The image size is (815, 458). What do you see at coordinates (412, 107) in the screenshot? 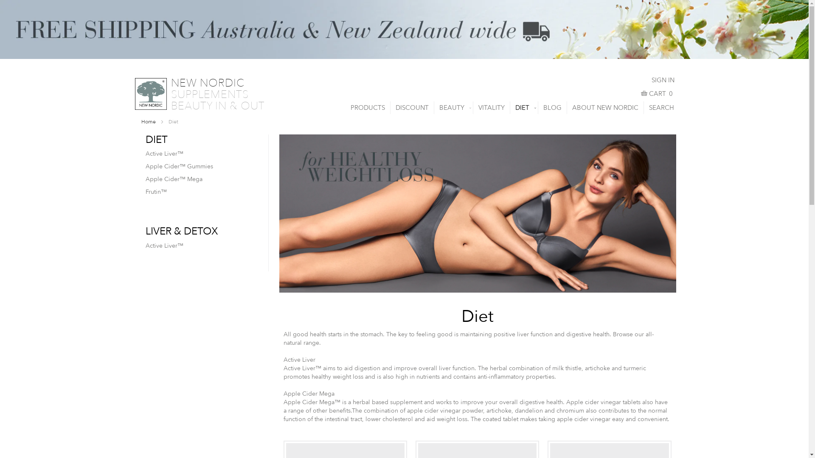
I see `'DISCOUNT'` at bounding box center [412, 107].